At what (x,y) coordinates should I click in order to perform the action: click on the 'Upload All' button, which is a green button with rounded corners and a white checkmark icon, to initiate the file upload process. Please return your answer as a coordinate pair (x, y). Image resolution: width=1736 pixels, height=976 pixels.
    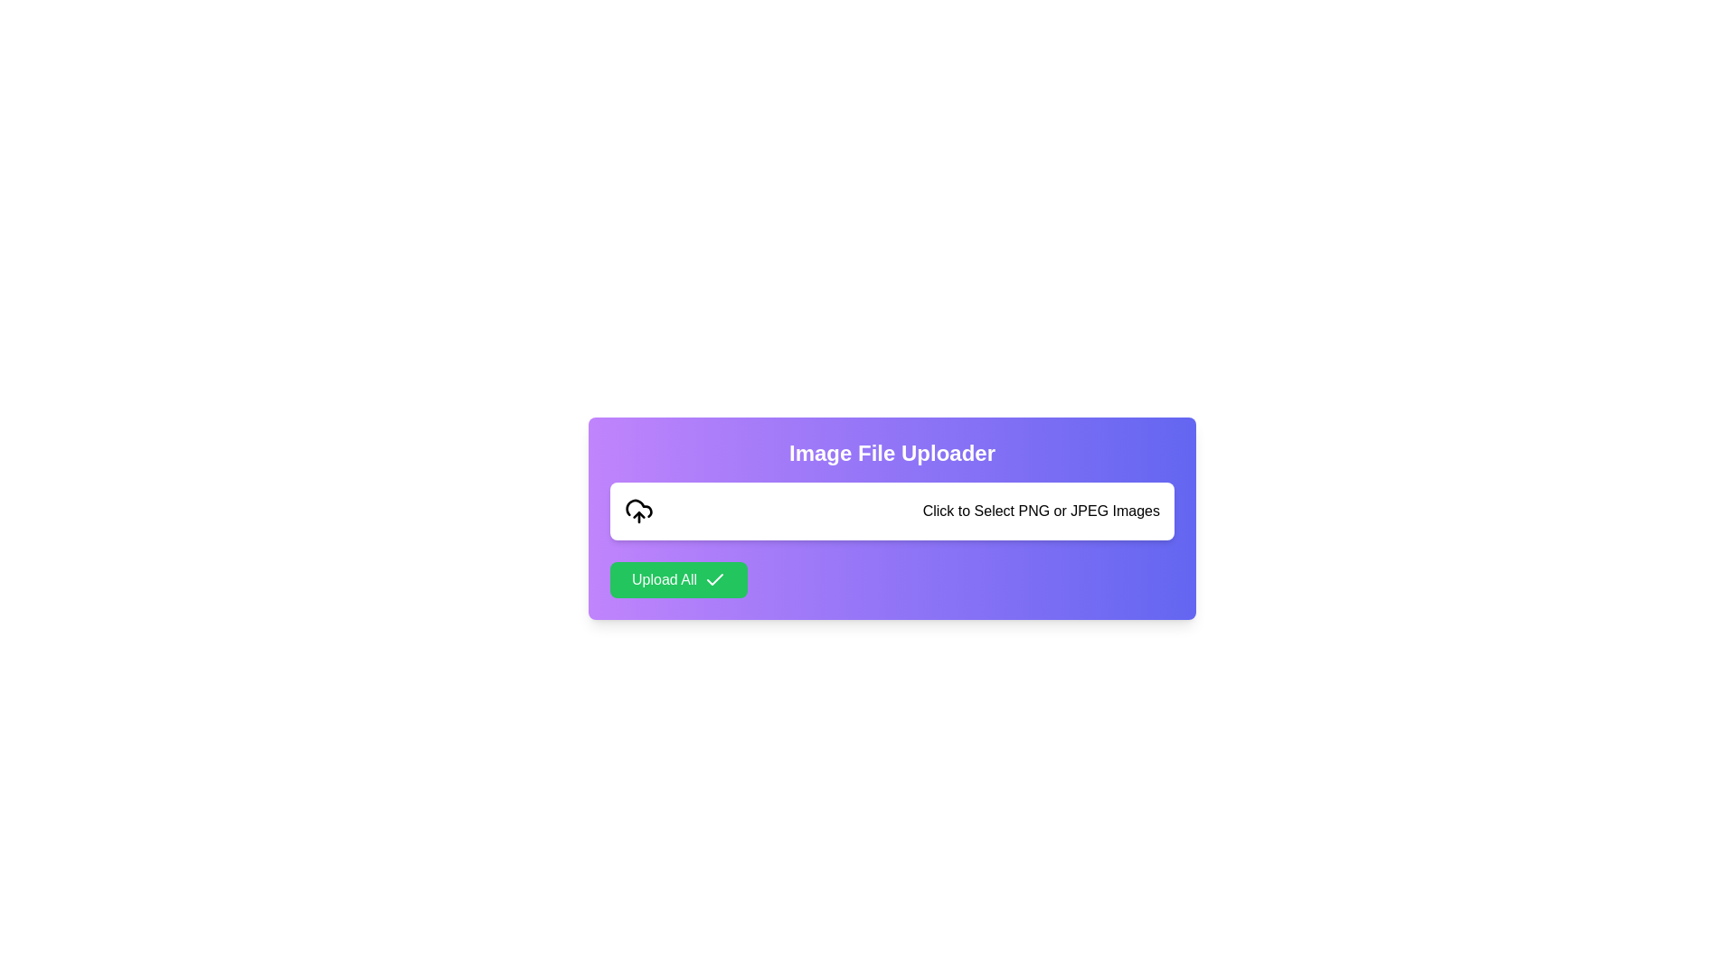
    Looking at the image, I should click on (678, 579).